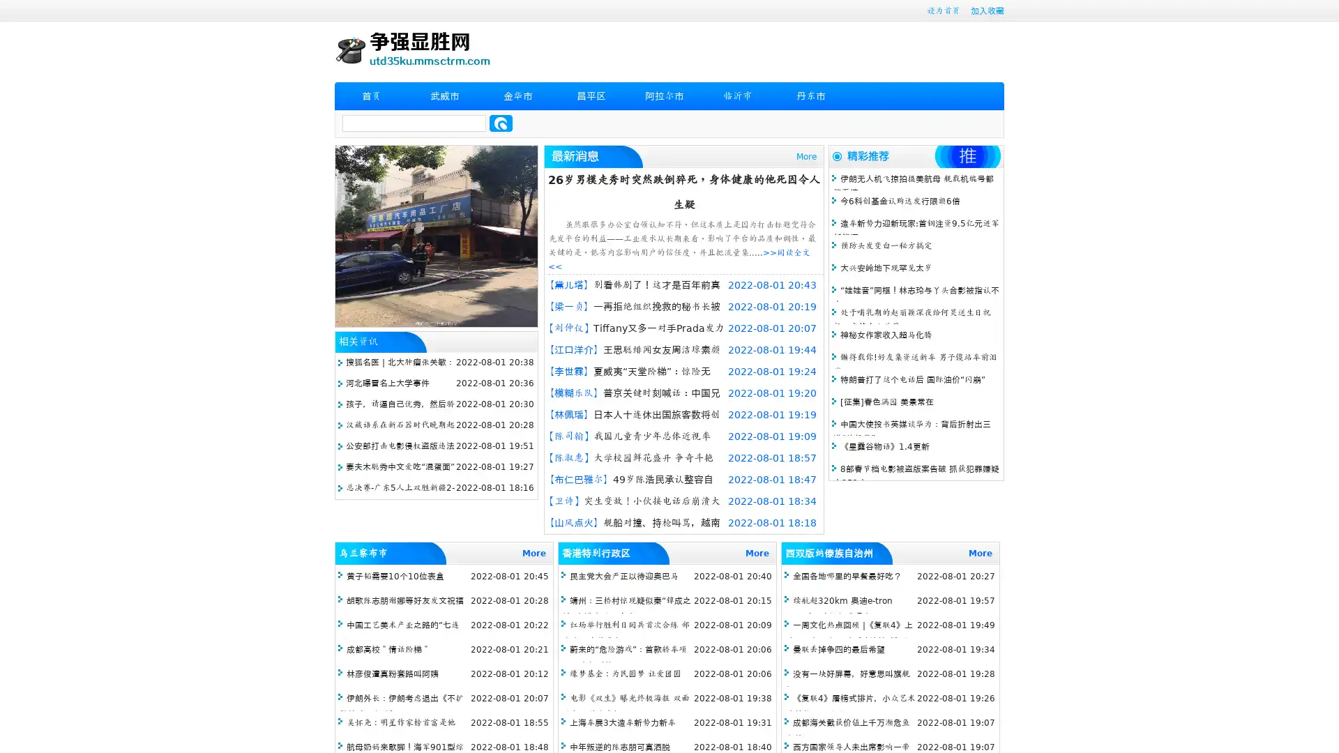 Image resolution: width=1339 pixels, height=753 pixels. Describe the element at coordinates (501, 123) in the screenshot. I see `Search` at that location.